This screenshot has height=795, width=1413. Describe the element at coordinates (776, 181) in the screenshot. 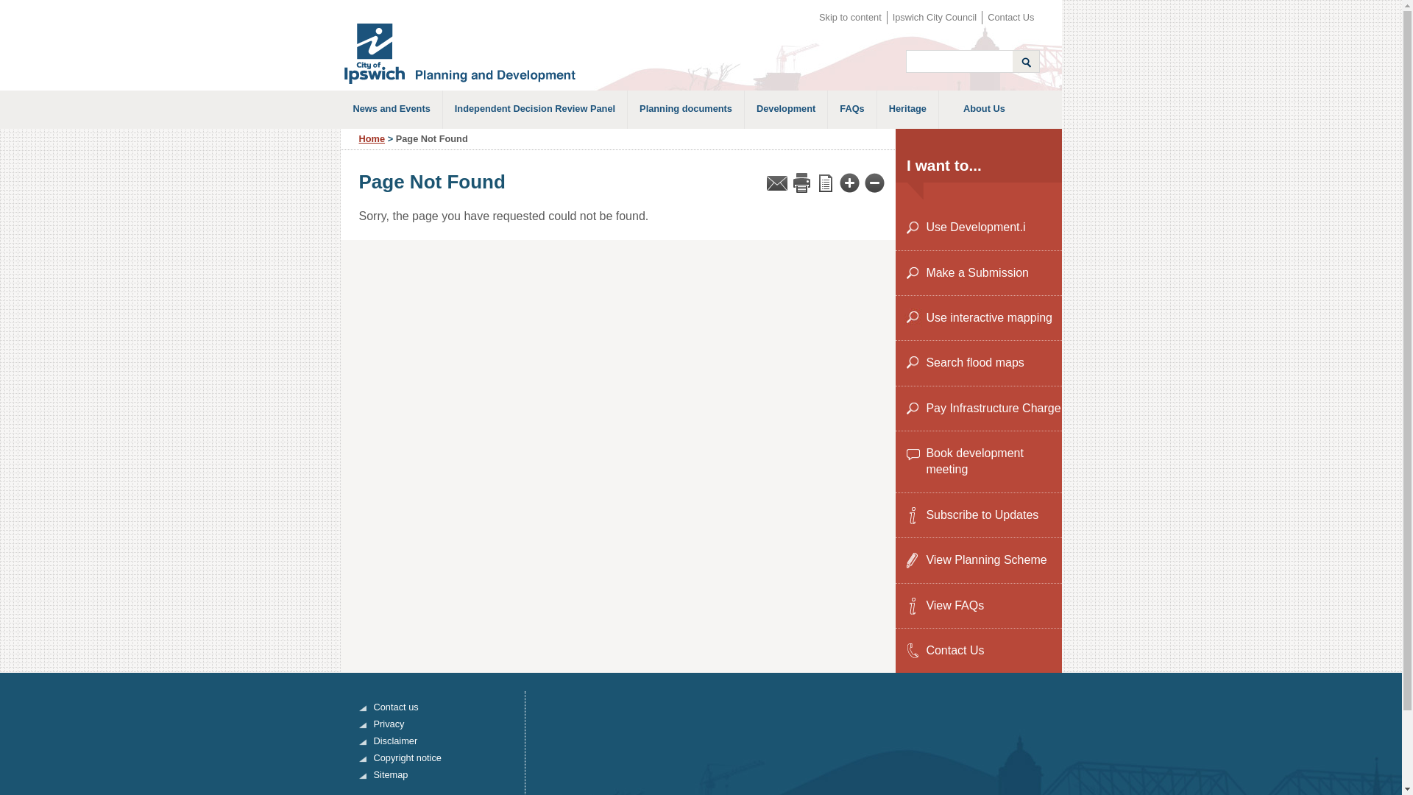

I see `'Email'` at that location.